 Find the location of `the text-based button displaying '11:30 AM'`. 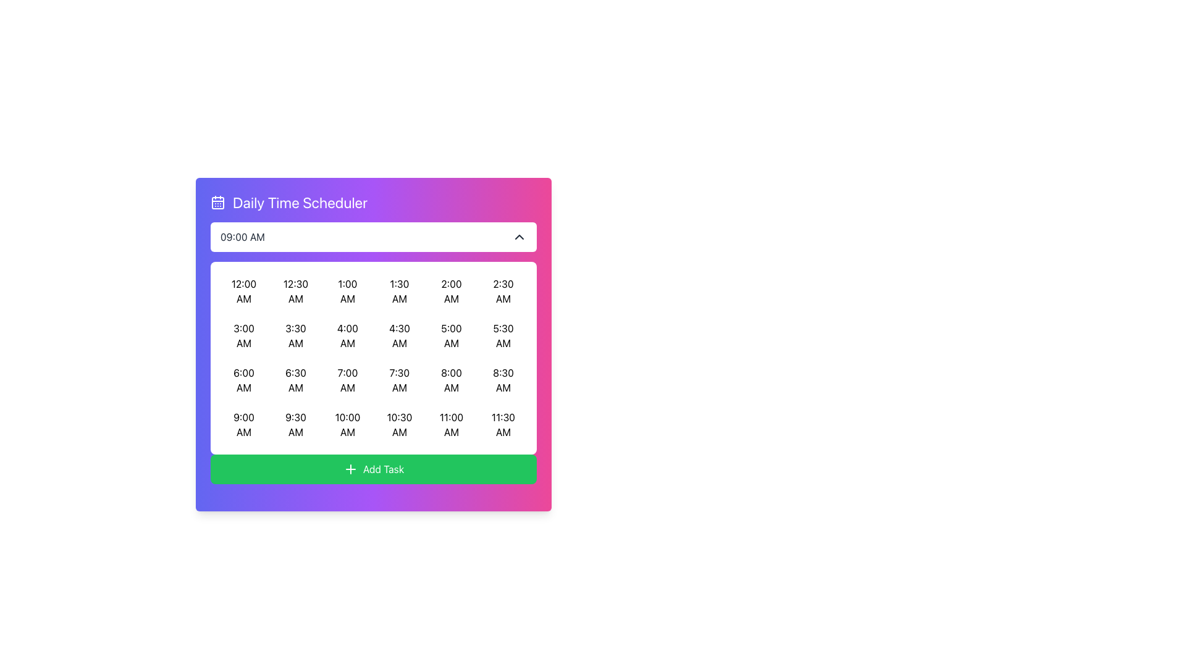

the text-based button displaying '11:30 AM' is located at coordinates (503, 424).